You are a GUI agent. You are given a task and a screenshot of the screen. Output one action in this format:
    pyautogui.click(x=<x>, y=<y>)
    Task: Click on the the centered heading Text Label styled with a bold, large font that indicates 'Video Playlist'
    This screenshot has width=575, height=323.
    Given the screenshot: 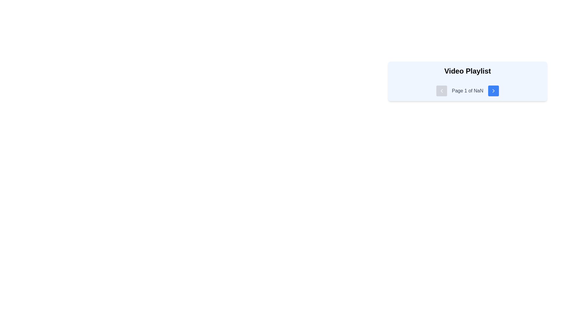 What is the action you would take?
    pyautogui.click(x=467, y=71)
    